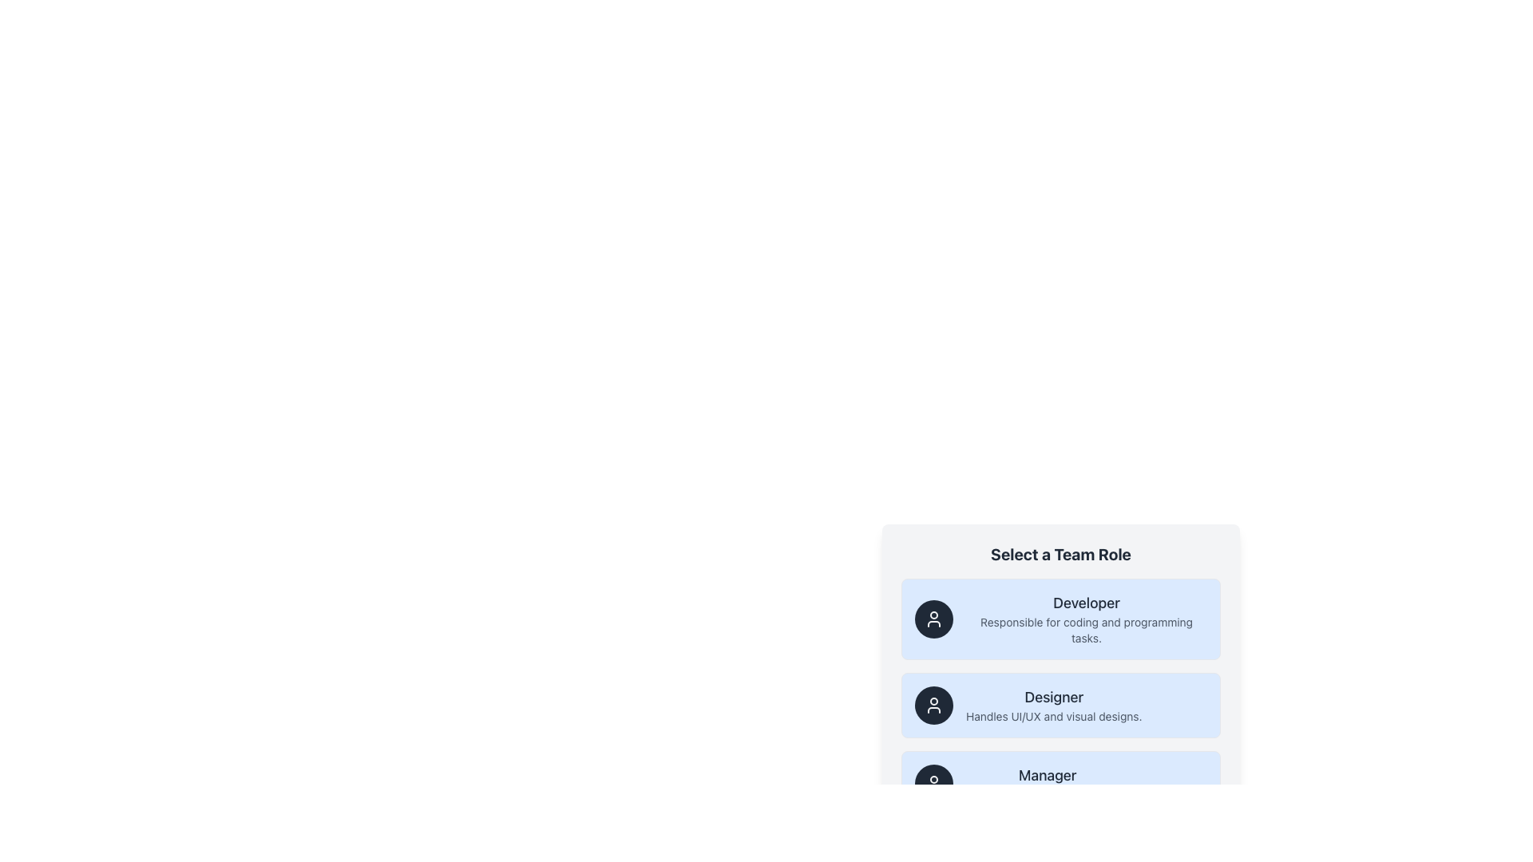 This screenshot has height=862, width=1533. I want to click on the 'Designer' role icon in the team role selection menu, so click(934, 704).